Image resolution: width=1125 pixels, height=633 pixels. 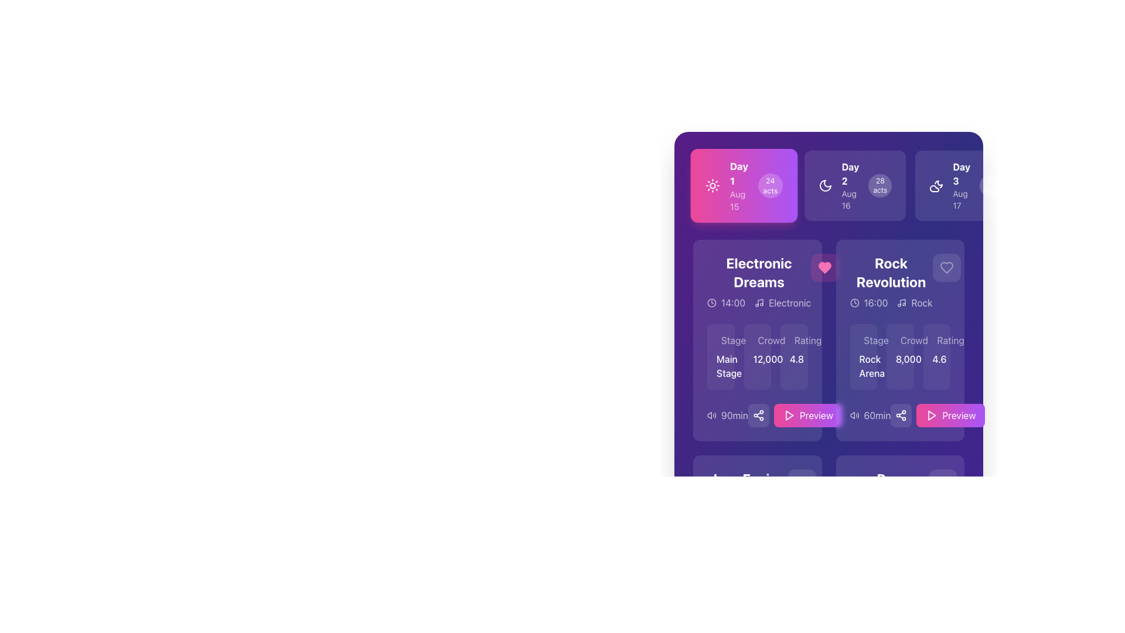 I want to click on the text label displaying the crowd count metric located in the center of the 'Crowd' section within the 'Rock Revolution' panel, so click(x=899, y=359).